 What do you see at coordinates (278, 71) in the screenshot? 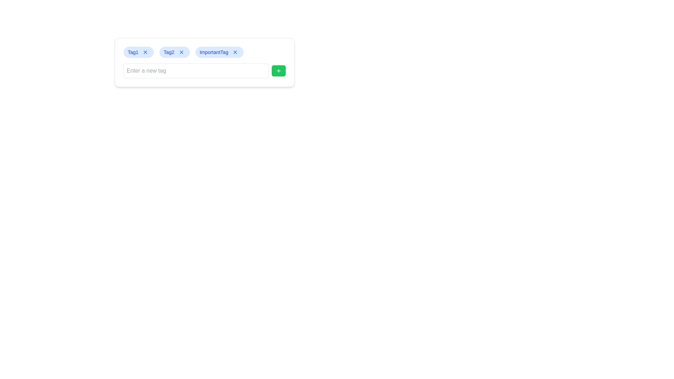
I see `the 'Add' button located to the right of the 'Enter a new tag.' input field` at bounding box center [278, 71].